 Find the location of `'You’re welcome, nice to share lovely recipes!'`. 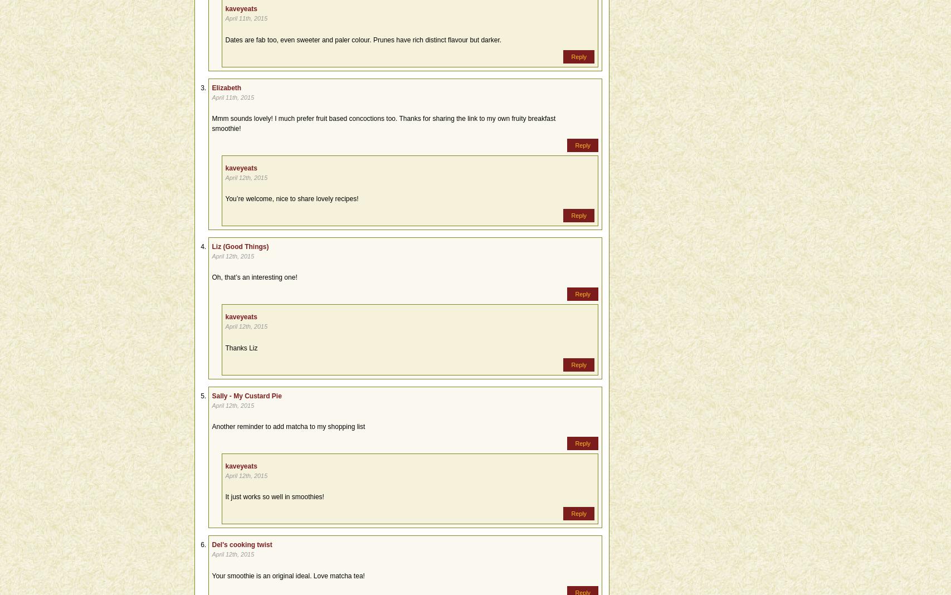

'You’re welcome, nice to share lovely recipes!' is located at coordinates (291, 198).